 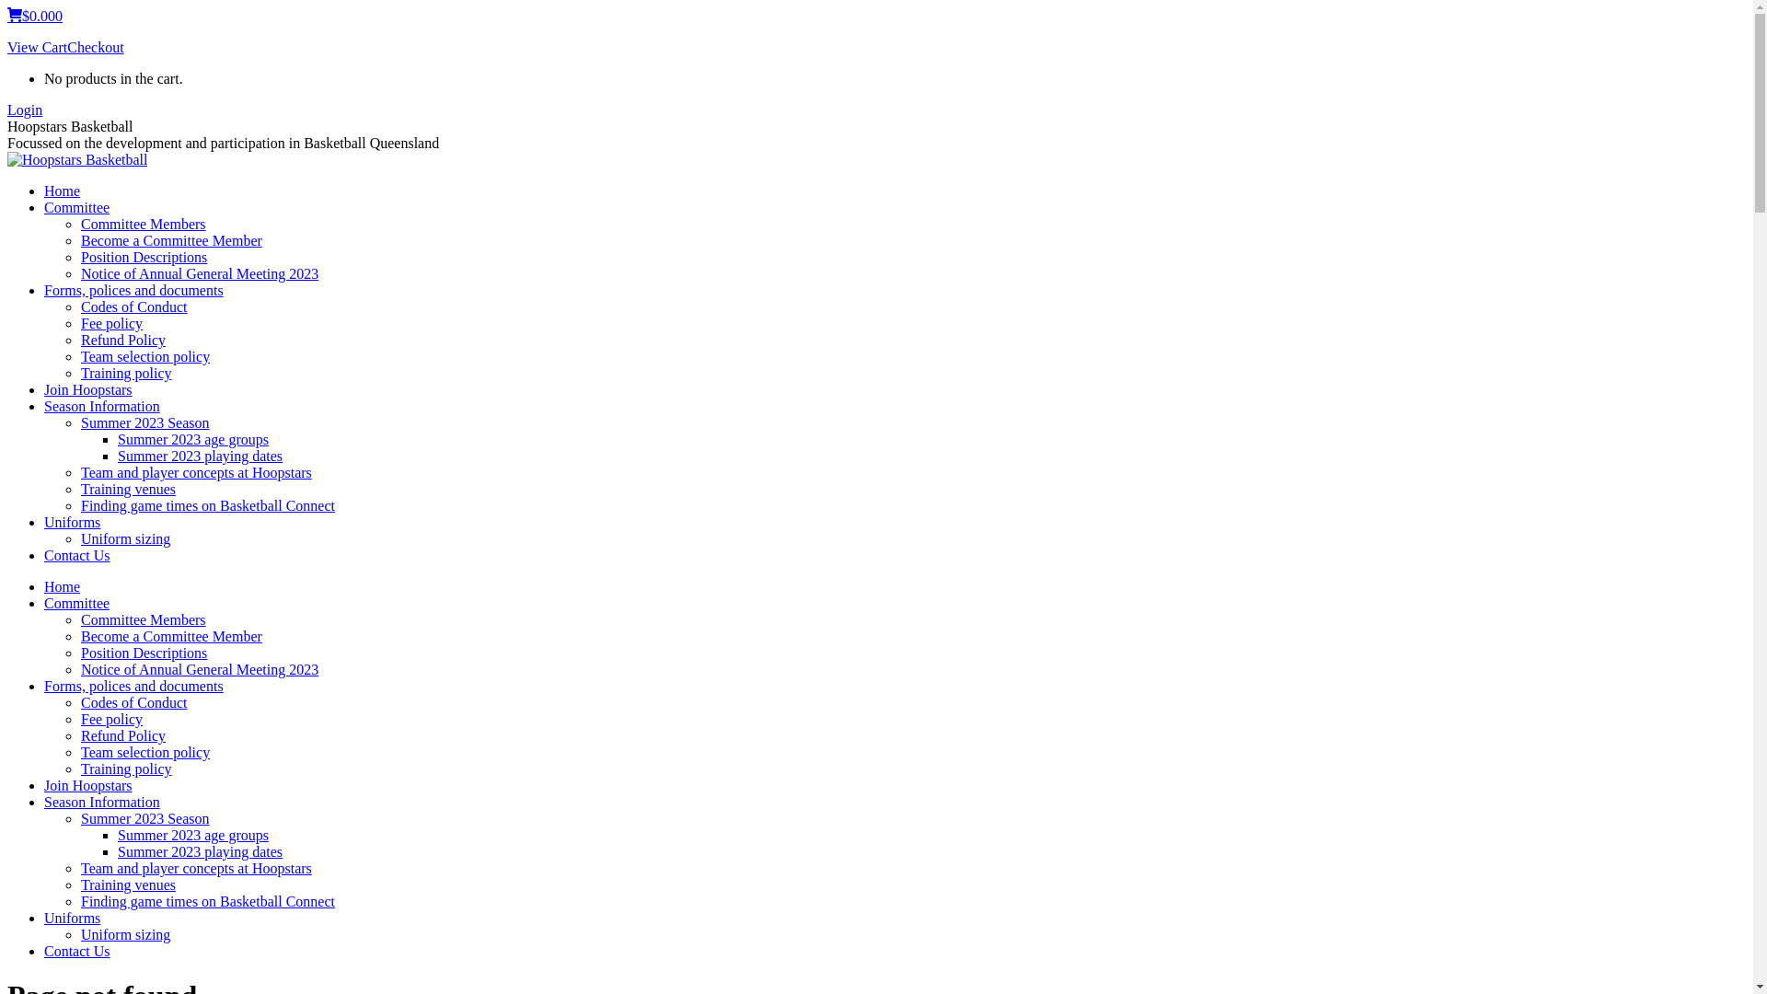 What do you see at coordinates (62, 586) in the screenshot?
I see `'Home'` at bounding box center [62, 586].